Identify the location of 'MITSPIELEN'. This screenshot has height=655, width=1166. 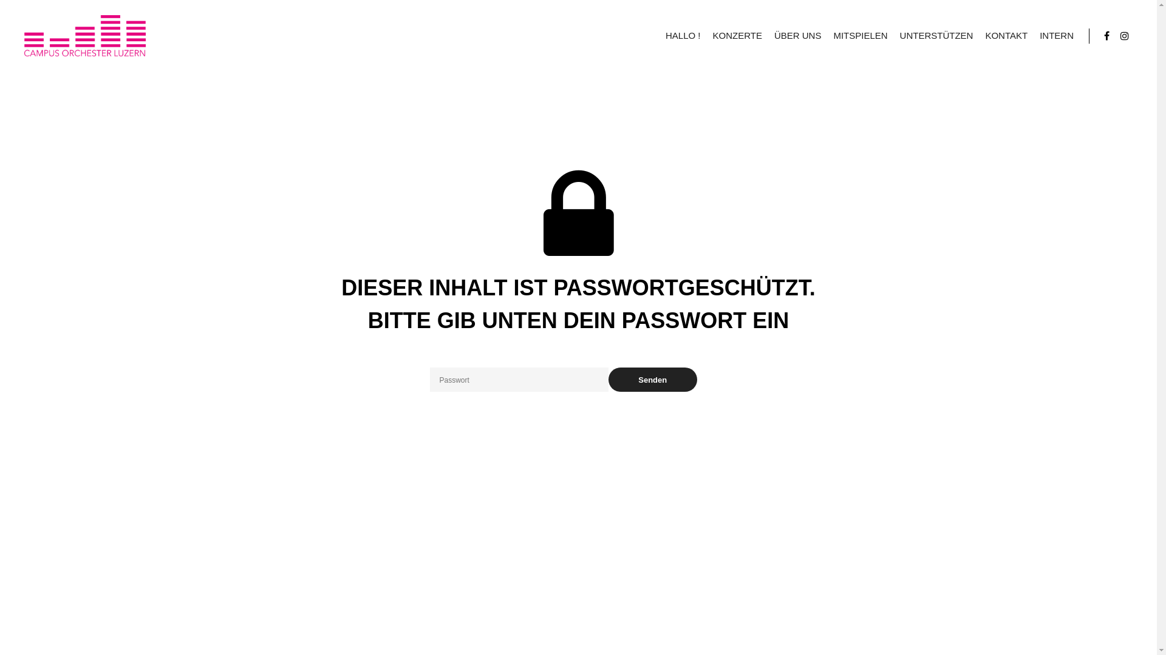
(859, 35).